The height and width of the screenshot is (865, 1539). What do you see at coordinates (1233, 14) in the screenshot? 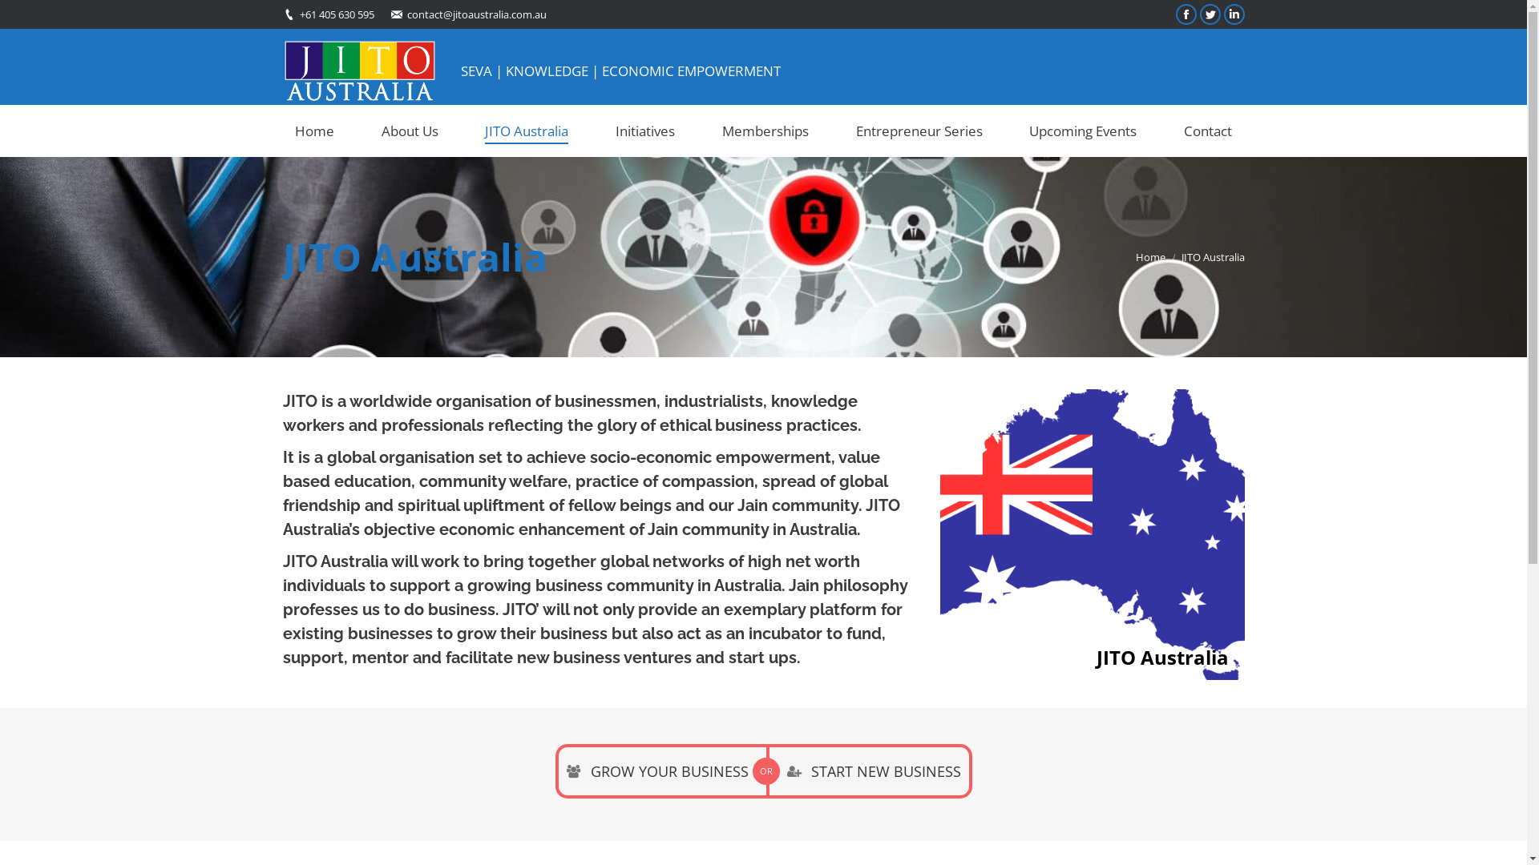
I see `'Linkedin'` at bounding box center [1233, 14].